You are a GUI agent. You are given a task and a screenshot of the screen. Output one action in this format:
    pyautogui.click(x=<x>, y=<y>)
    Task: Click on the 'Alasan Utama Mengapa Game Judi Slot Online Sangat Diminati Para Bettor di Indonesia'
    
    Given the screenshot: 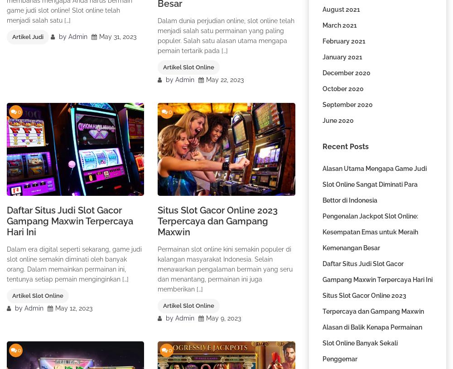 What is the action you would take?
    pyautogui.click(x=374, y=184)
    